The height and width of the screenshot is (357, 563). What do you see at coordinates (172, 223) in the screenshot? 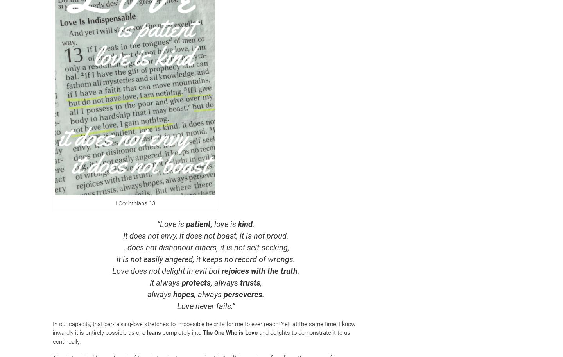
I see `'“Love is'` at bounding box center [172, 223].